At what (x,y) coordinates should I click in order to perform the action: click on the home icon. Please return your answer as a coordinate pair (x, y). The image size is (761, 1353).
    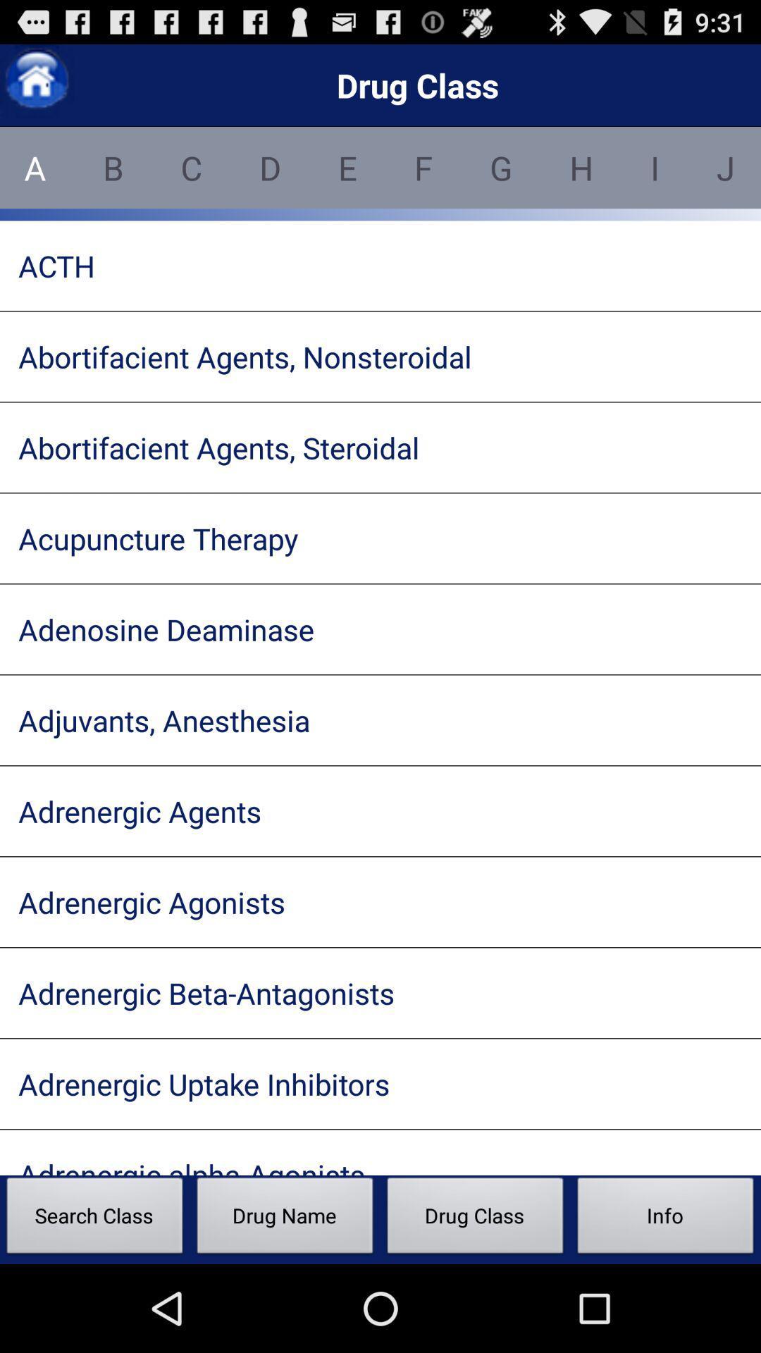
    Looking at the image, I should click on (36, 86).